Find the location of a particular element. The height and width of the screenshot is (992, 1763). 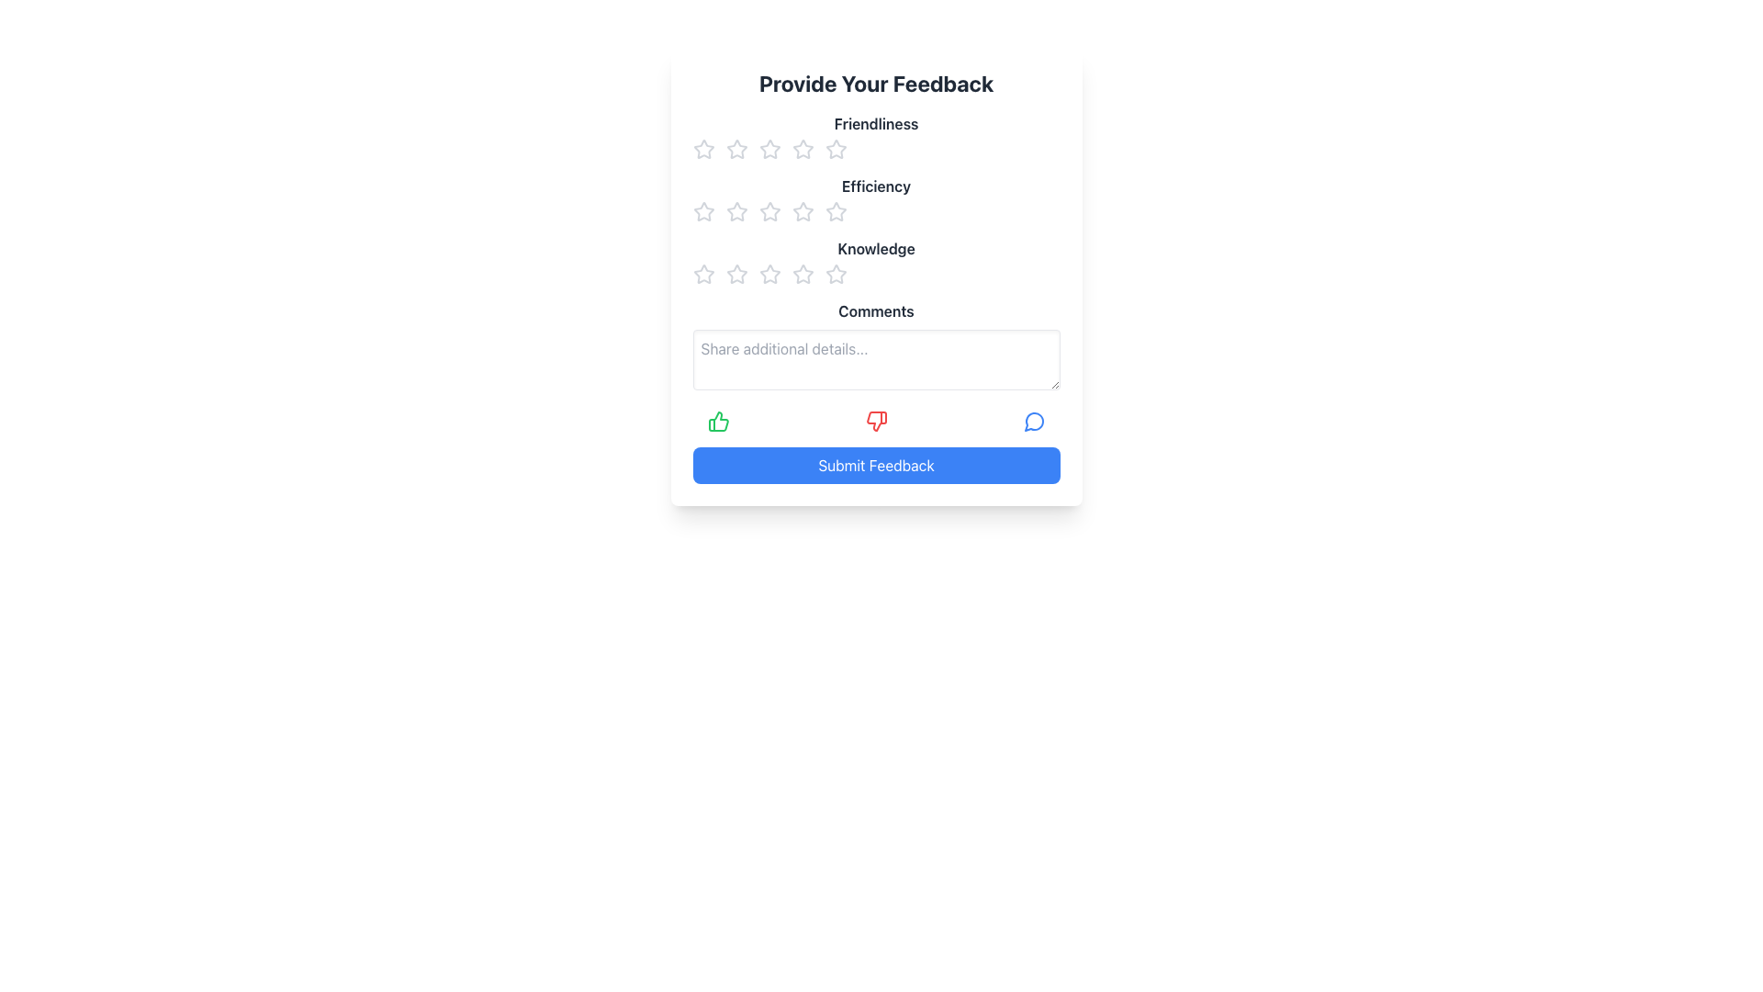

the third star is located at coordinates (803, 210).